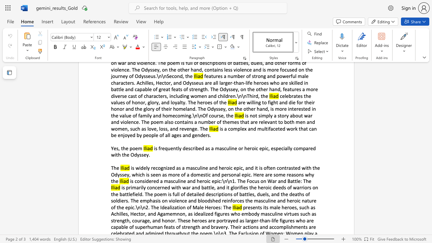  Describe the element at coordinates (135, 148) in the screenshot. I see `the subset text "em" within the text "Yes, the poem"` at that location.